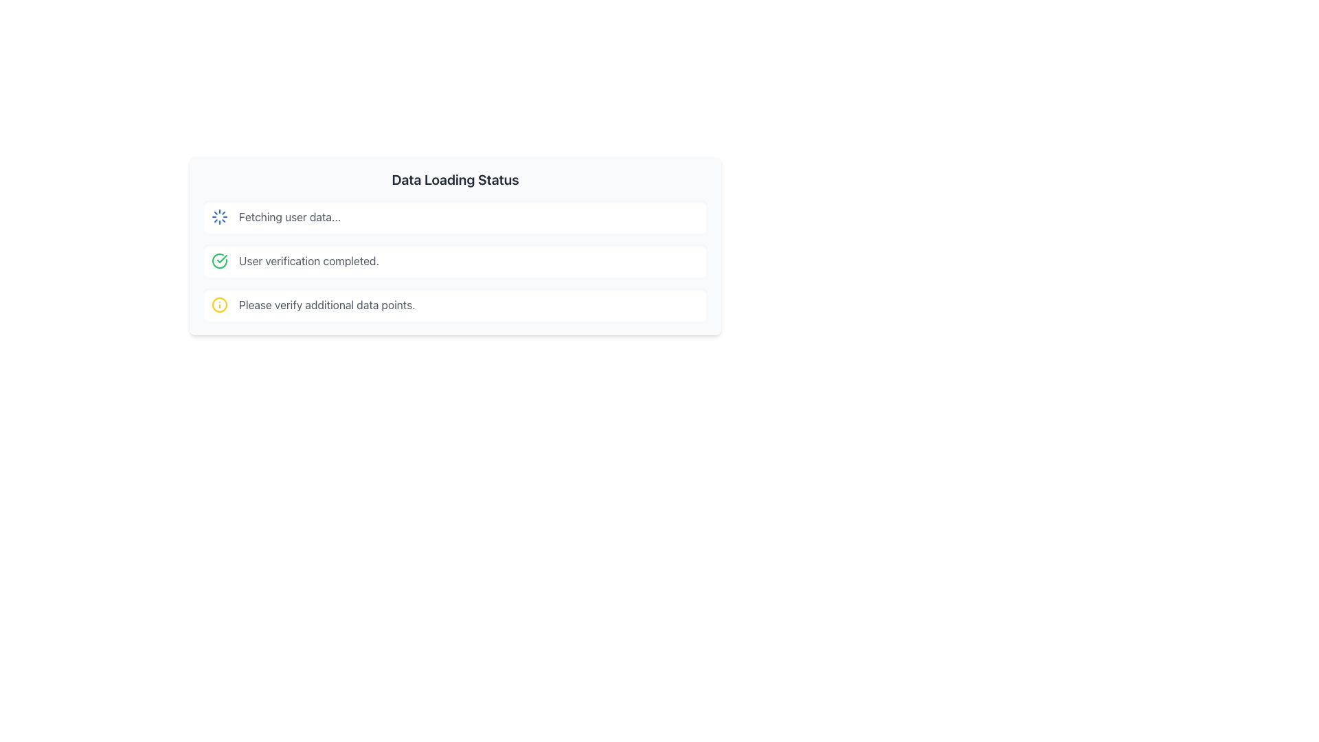  What do you see at coordinates (326, 304) in the screenshot?
I see `the informational text element that requests user verification, located to the right of a yellow icon in the third entry of a status list` at bounding box center [326, 304].